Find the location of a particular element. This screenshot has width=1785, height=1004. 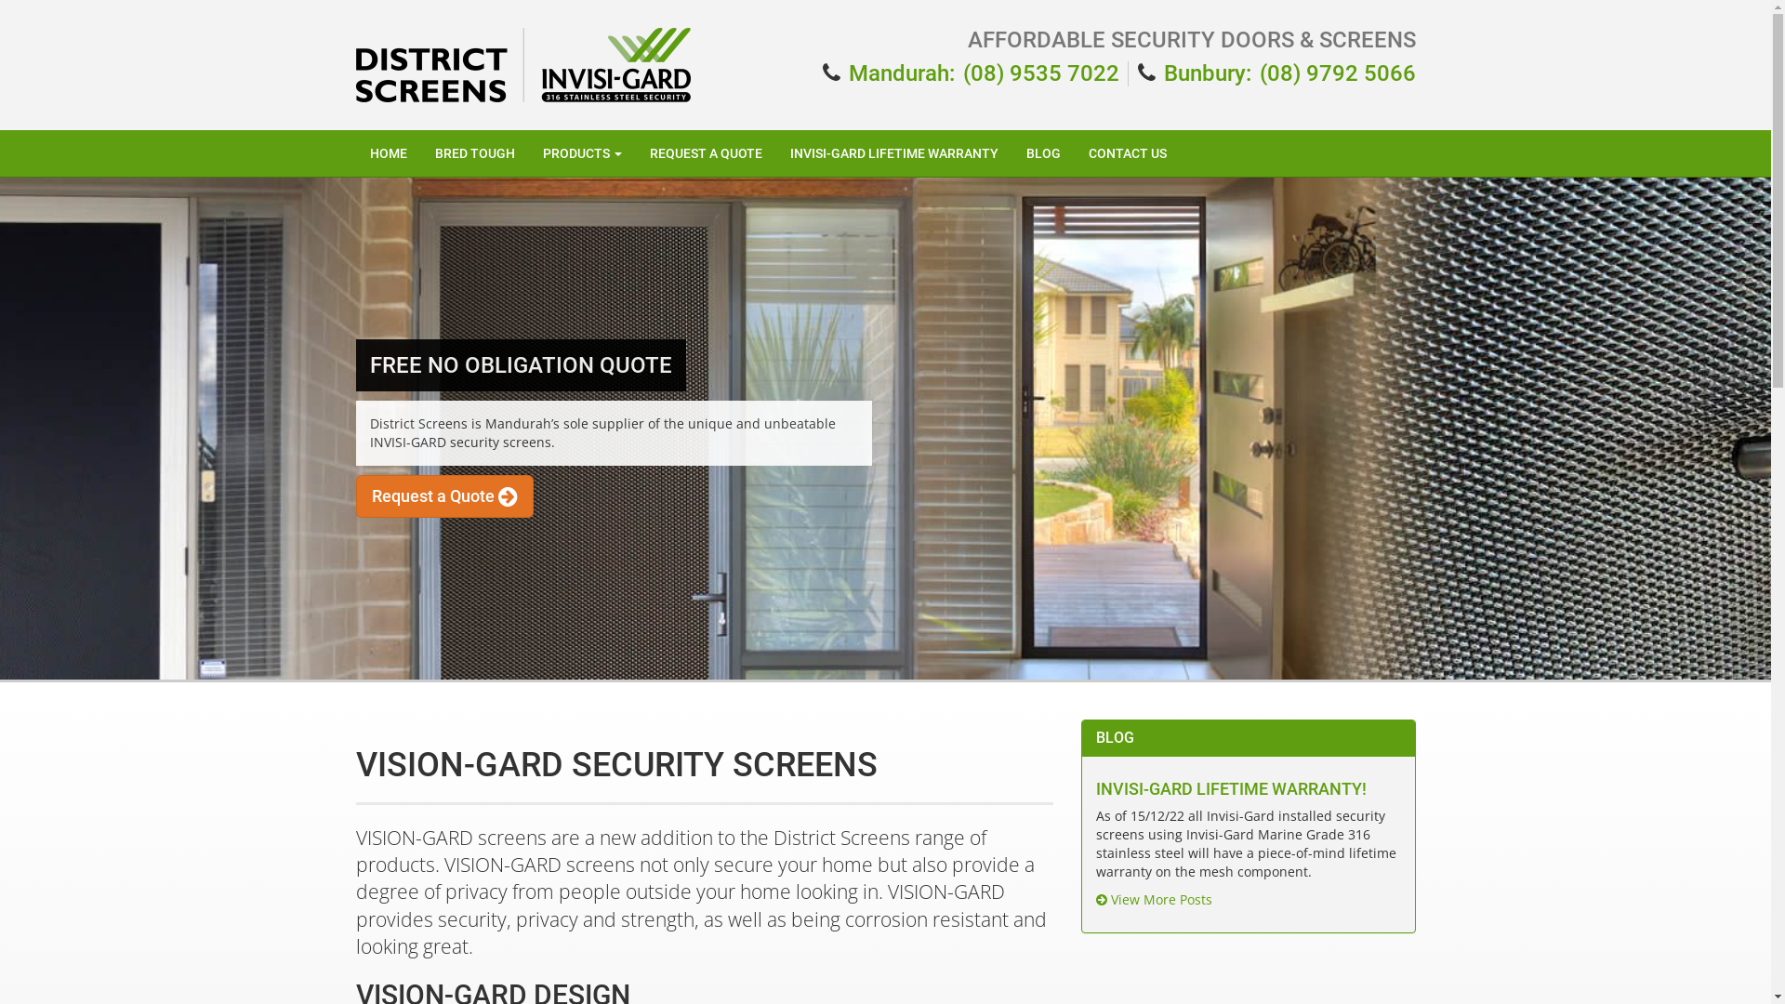

'(08) 9535 7022' is located at coordinates (1039, 72).